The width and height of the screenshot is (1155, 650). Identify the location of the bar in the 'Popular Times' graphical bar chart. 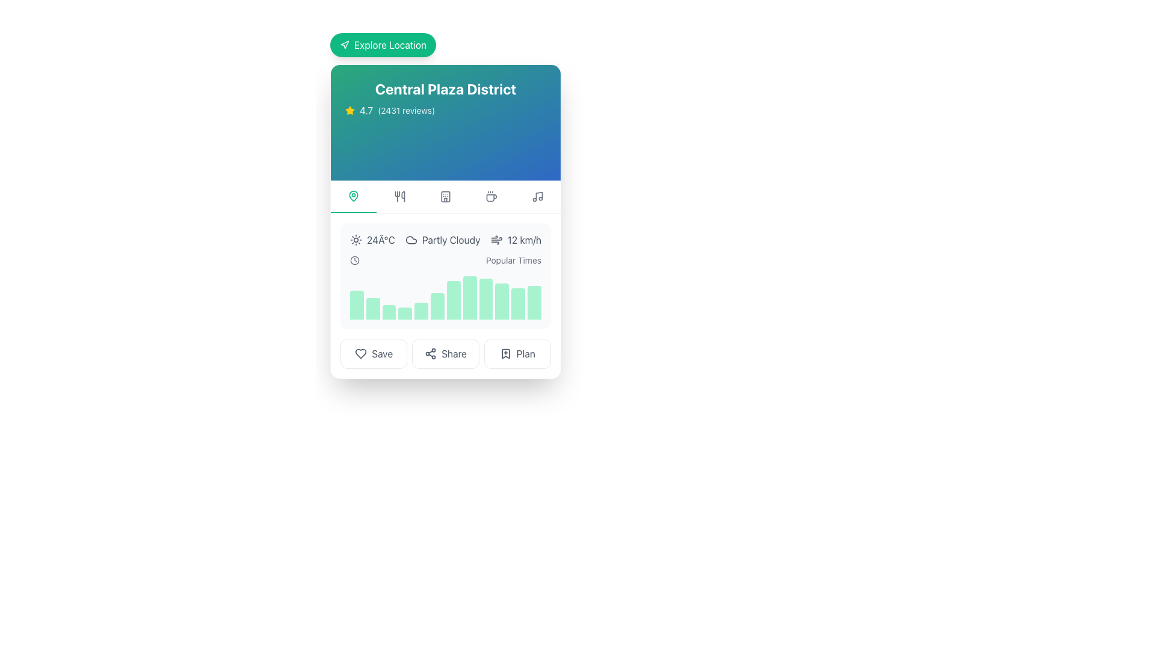
(445, 287).